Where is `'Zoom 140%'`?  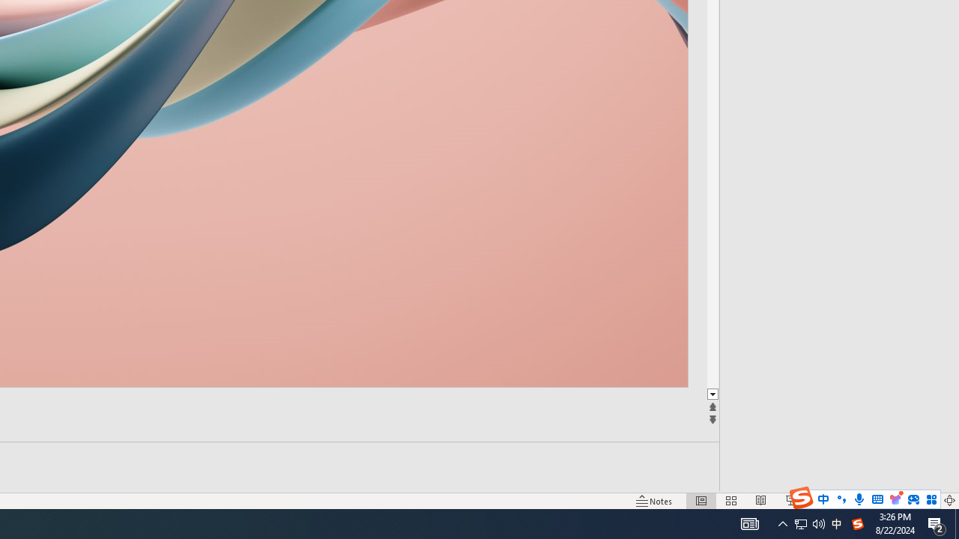 'Zoom 140%' is located at coordinates (924, 501).